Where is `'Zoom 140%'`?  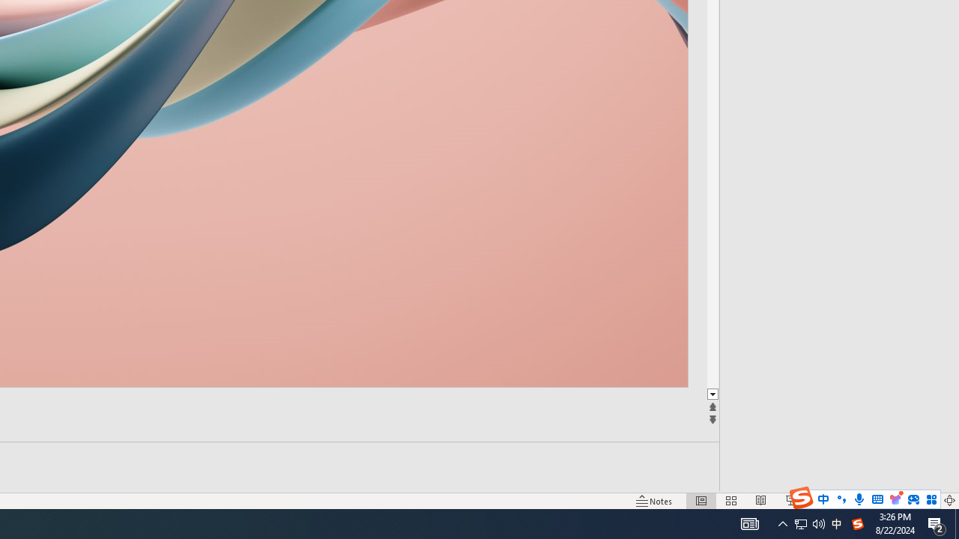 'Zoom 140%' is located at coordinates (924, 501).